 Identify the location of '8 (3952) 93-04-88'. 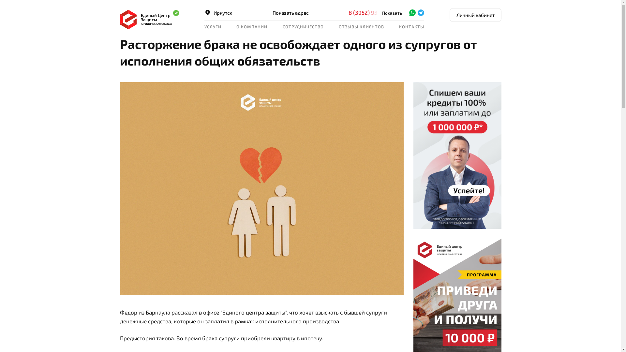
(378, 12).